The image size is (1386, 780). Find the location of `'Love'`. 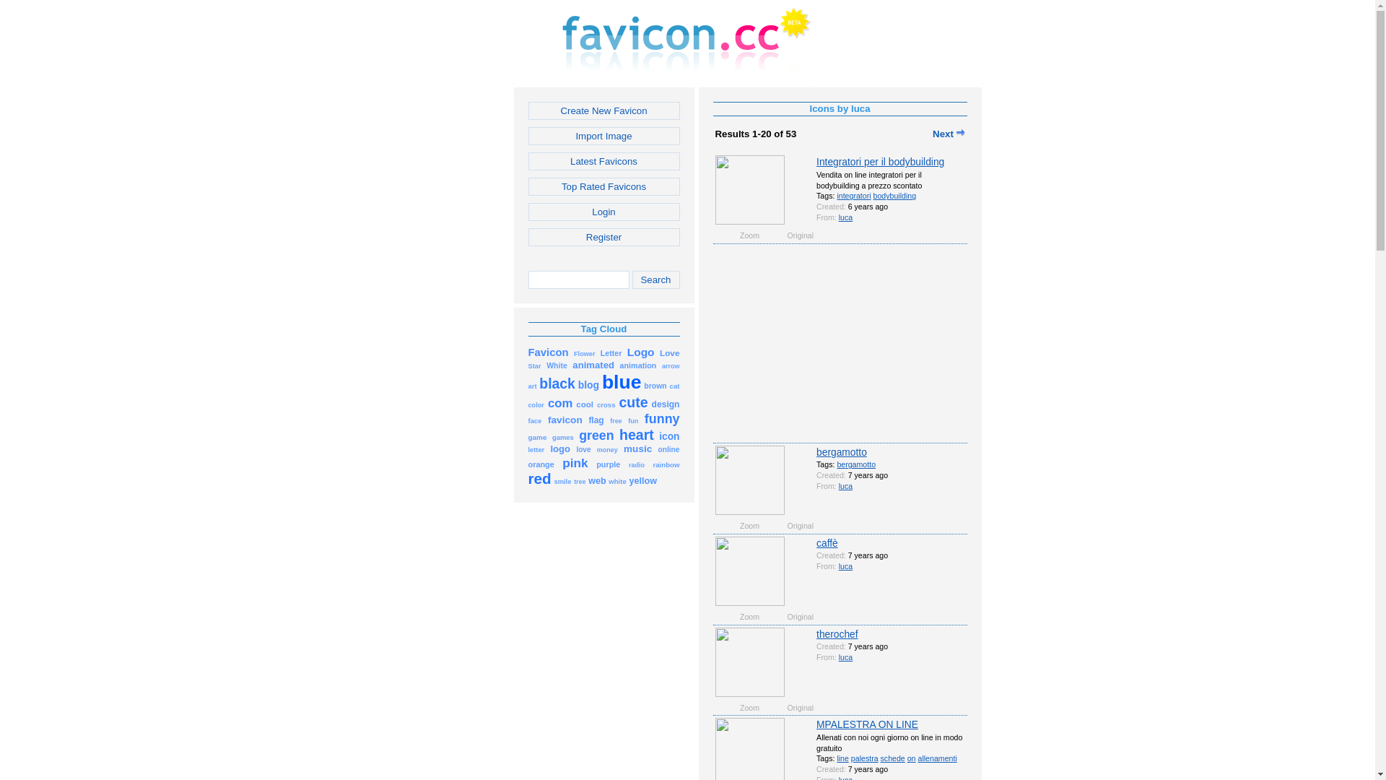

'Love' is located at coordinates (658, 352).